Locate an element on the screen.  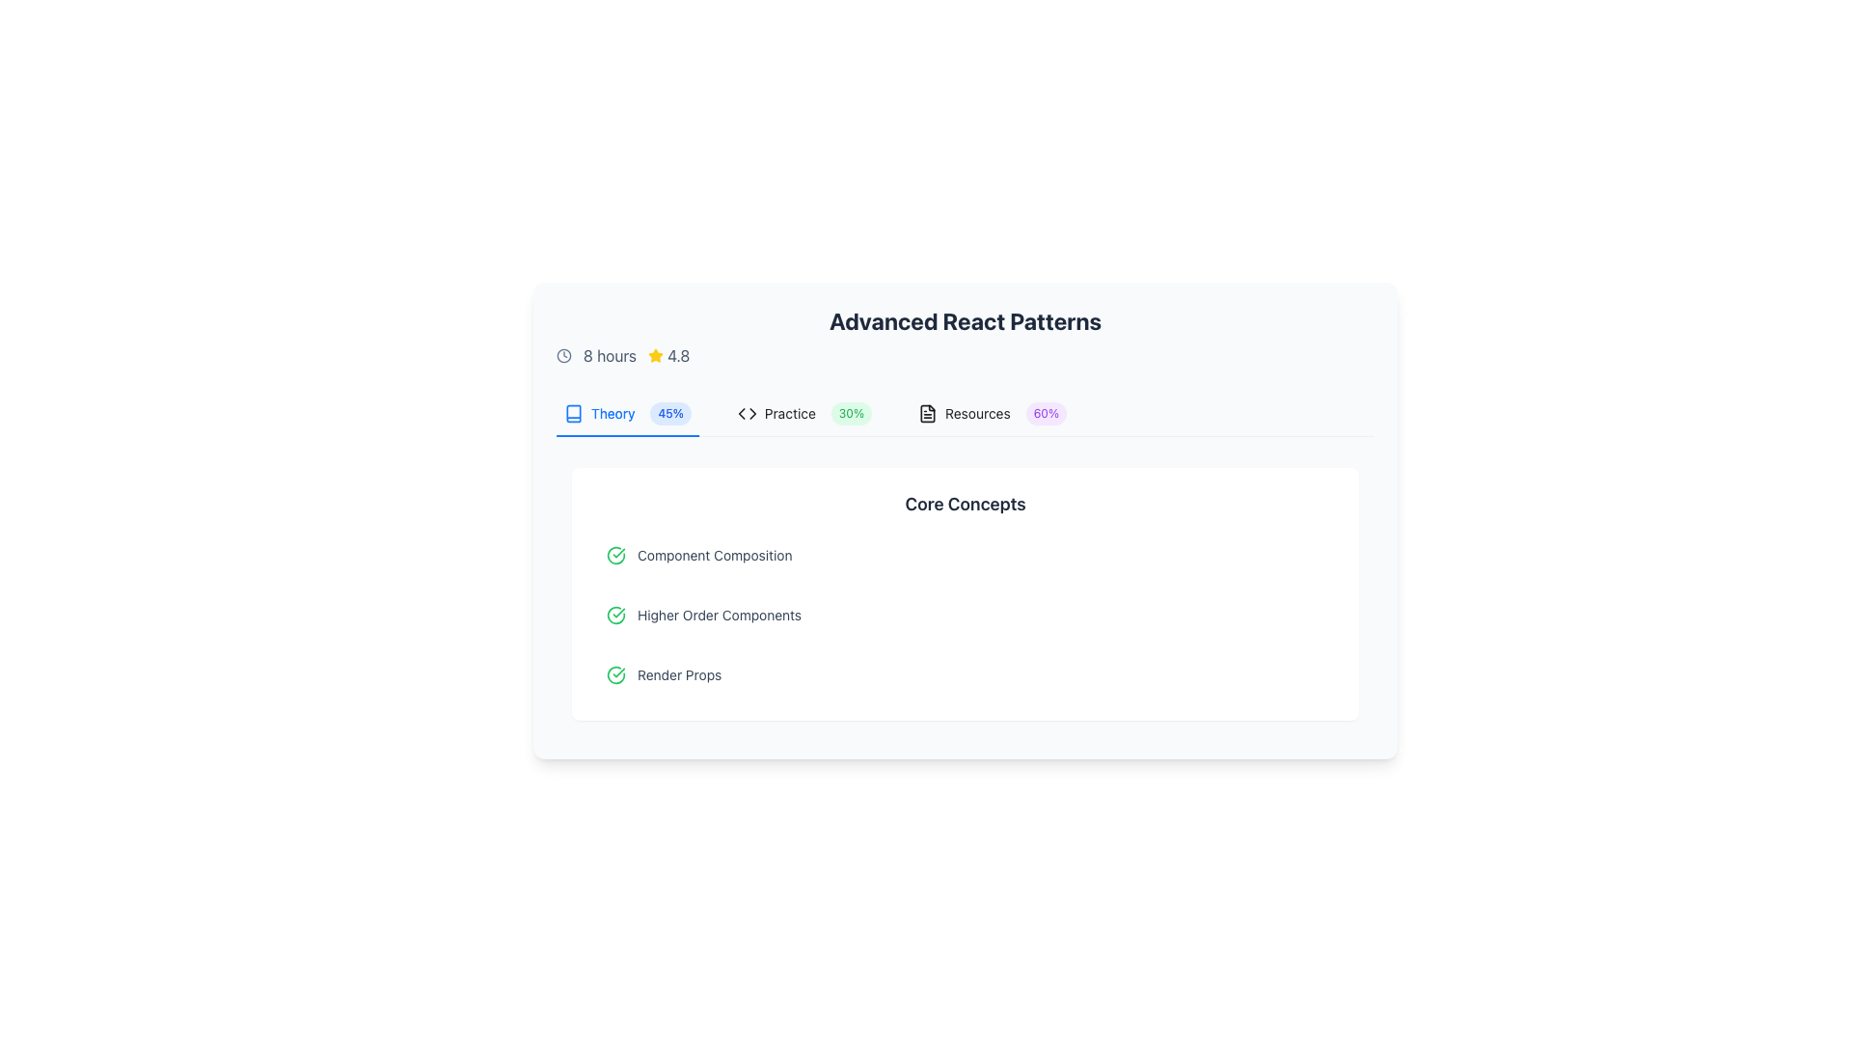
the circular green checkmark icon indicating success, located to the left of the 'Render Props' text is located at coordinates (614, 673).